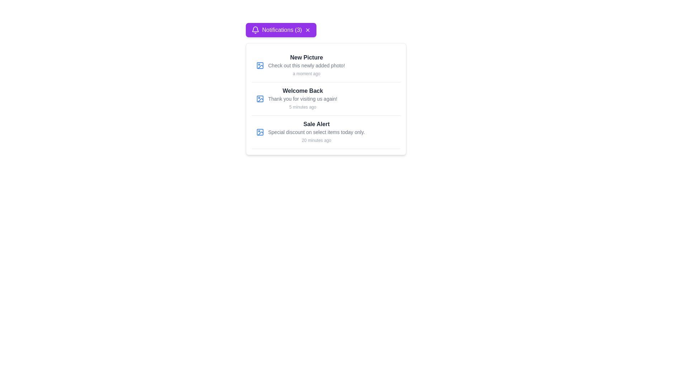  I want to click on the welcoming title of the notification located in the notification panel under 'Notifications (3)', which is part of the second item in the list panel, so click(302, 91).